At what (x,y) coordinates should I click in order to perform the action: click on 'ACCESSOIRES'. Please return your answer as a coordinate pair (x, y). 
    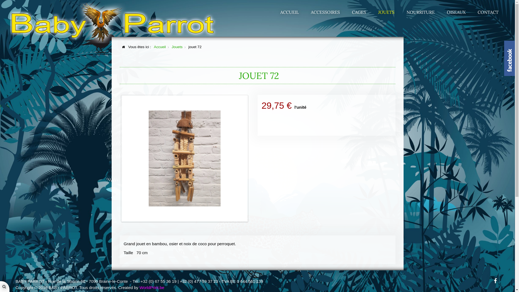
    Looking at the image, I should click on (325, 12).